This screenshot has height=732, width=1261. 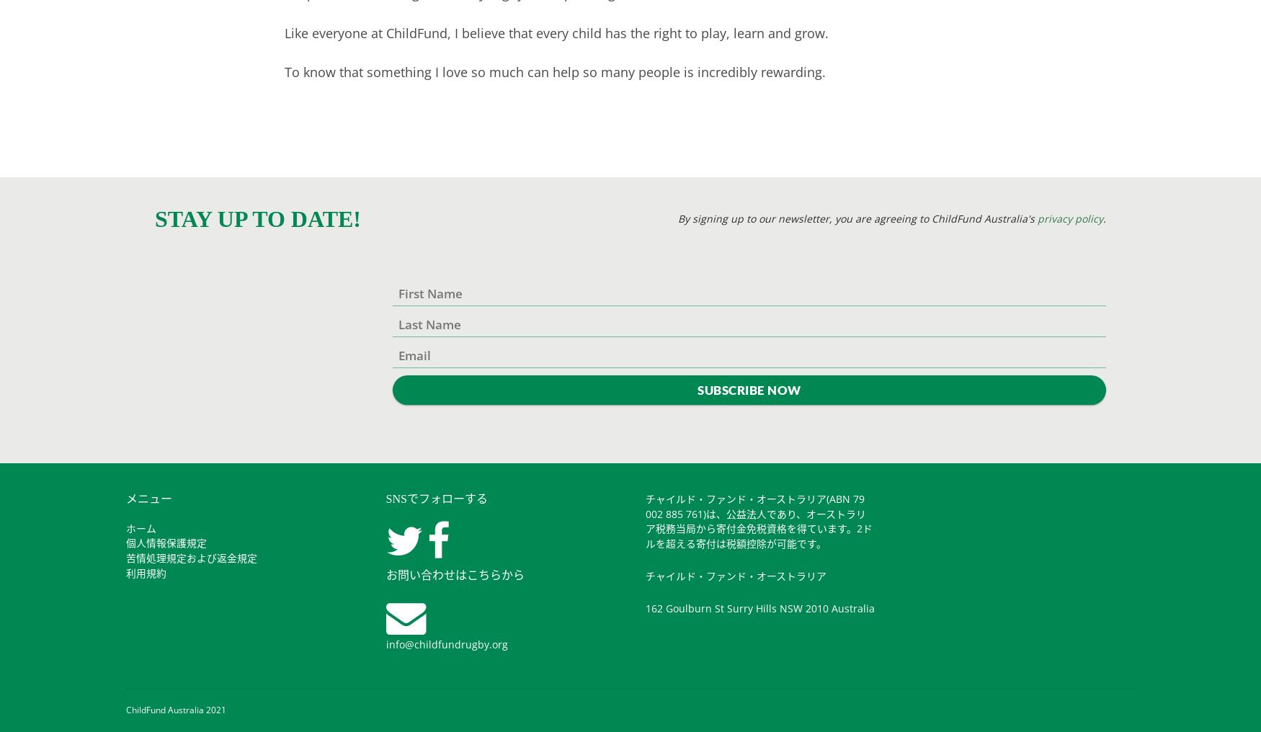 I want to click on 'ChildFund Australia 2021', so click(x=176, y=709).